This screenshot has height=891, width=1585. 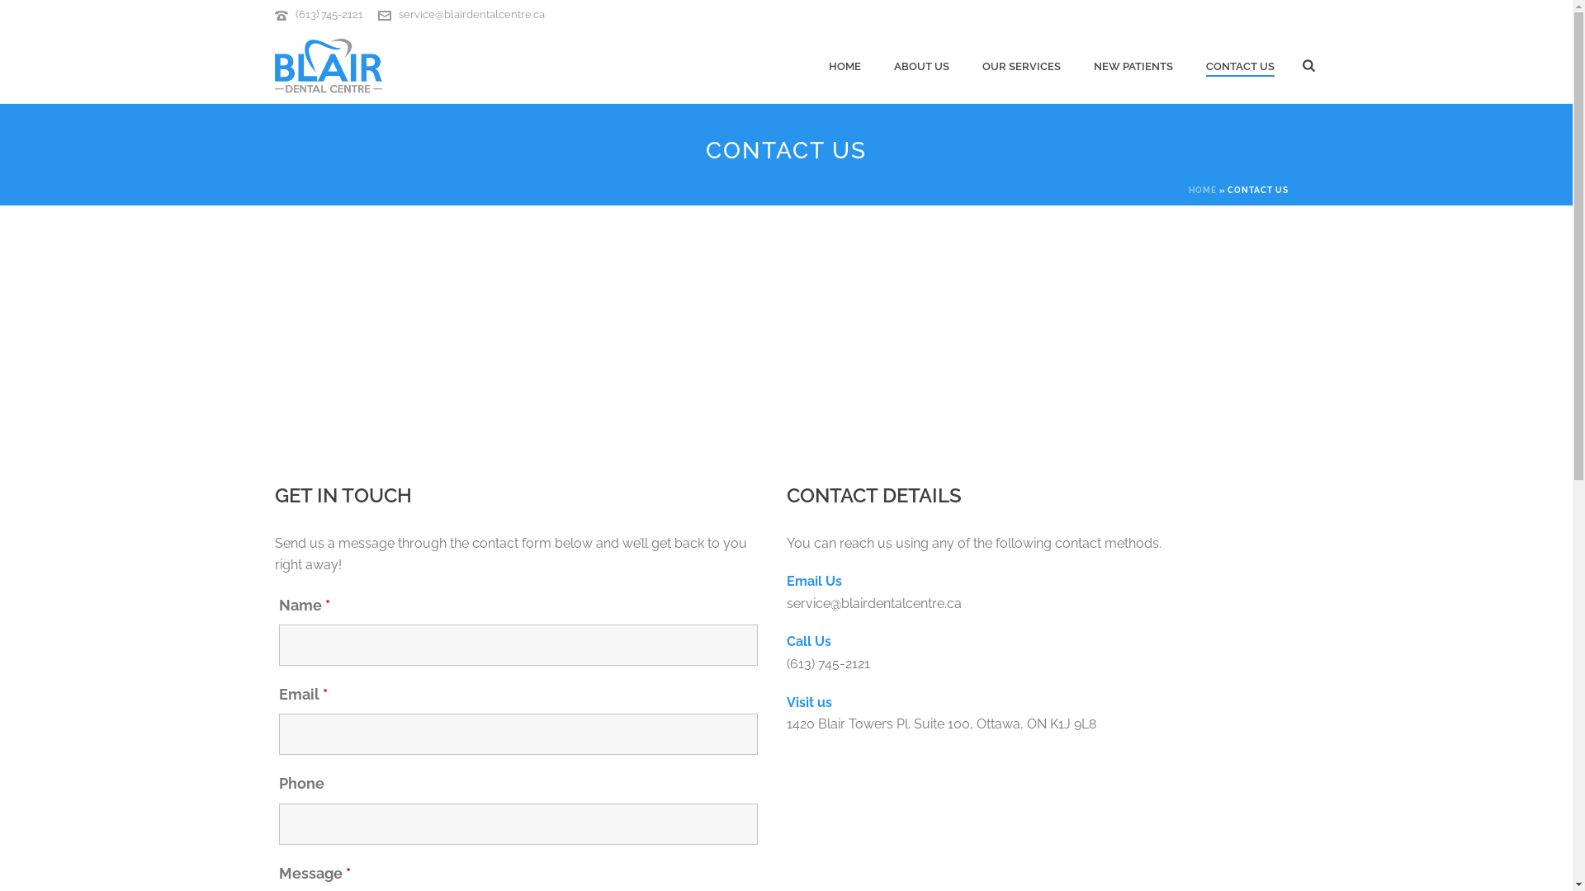 I want to click on 'NEW PATIENTS', so click(x=1132, y=66).